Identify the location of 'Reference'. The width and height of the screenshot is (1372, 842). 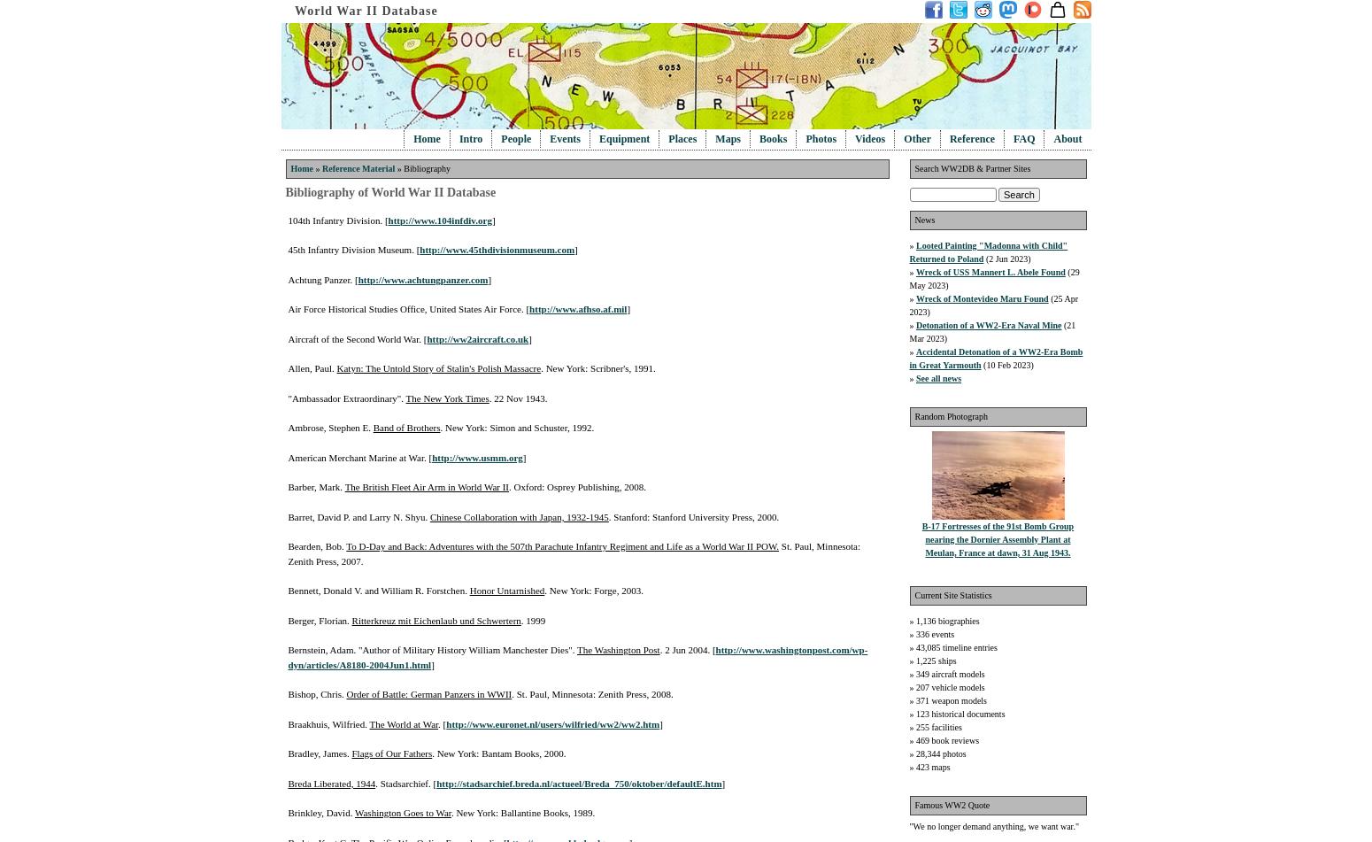
(971, 139).